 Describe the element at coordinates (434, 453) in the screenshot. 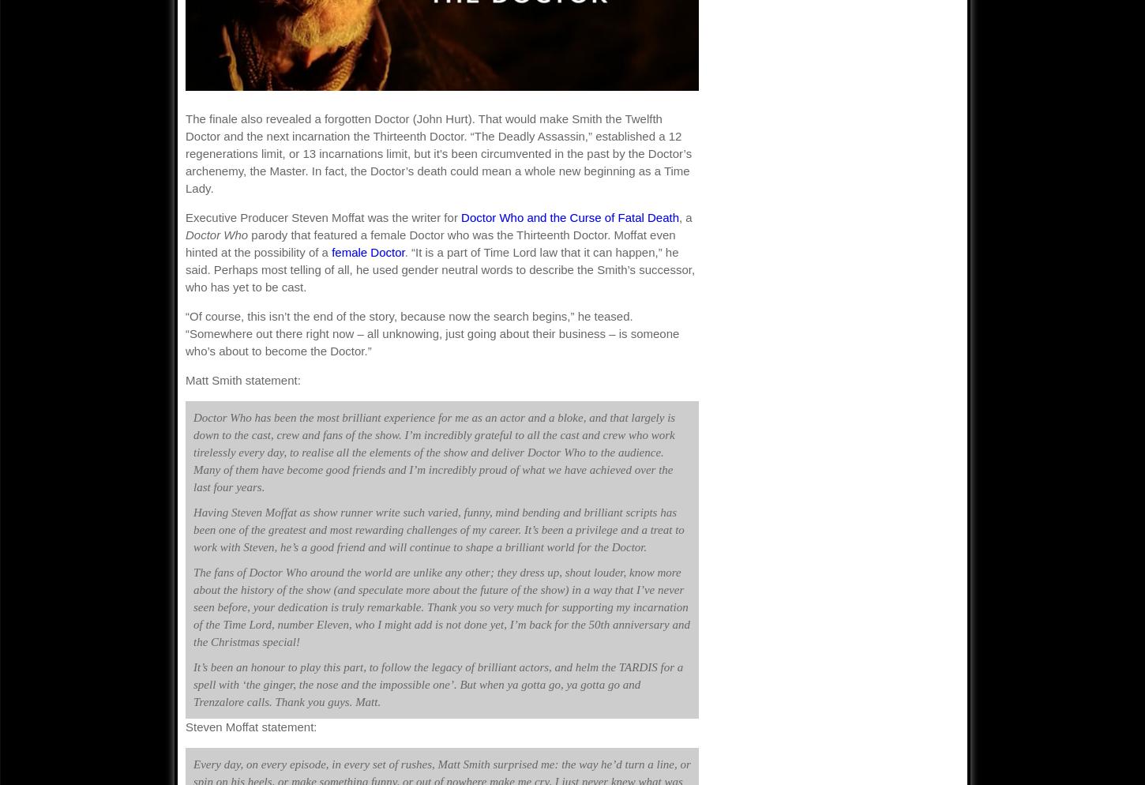

I see `'Doctor Who has been the most brilliant experience for me as an actor and a bloke, and that largely is down to the cast, crew and fans of the show. I’m incredibly grateful to all the cast and crew who work tirelessly every day, to realise all the elements of the show and deliver Doctor Who to the audience. Many of them have become good friends and I’m incredibly proud of what we have achieved over the last four years.'` at that location.